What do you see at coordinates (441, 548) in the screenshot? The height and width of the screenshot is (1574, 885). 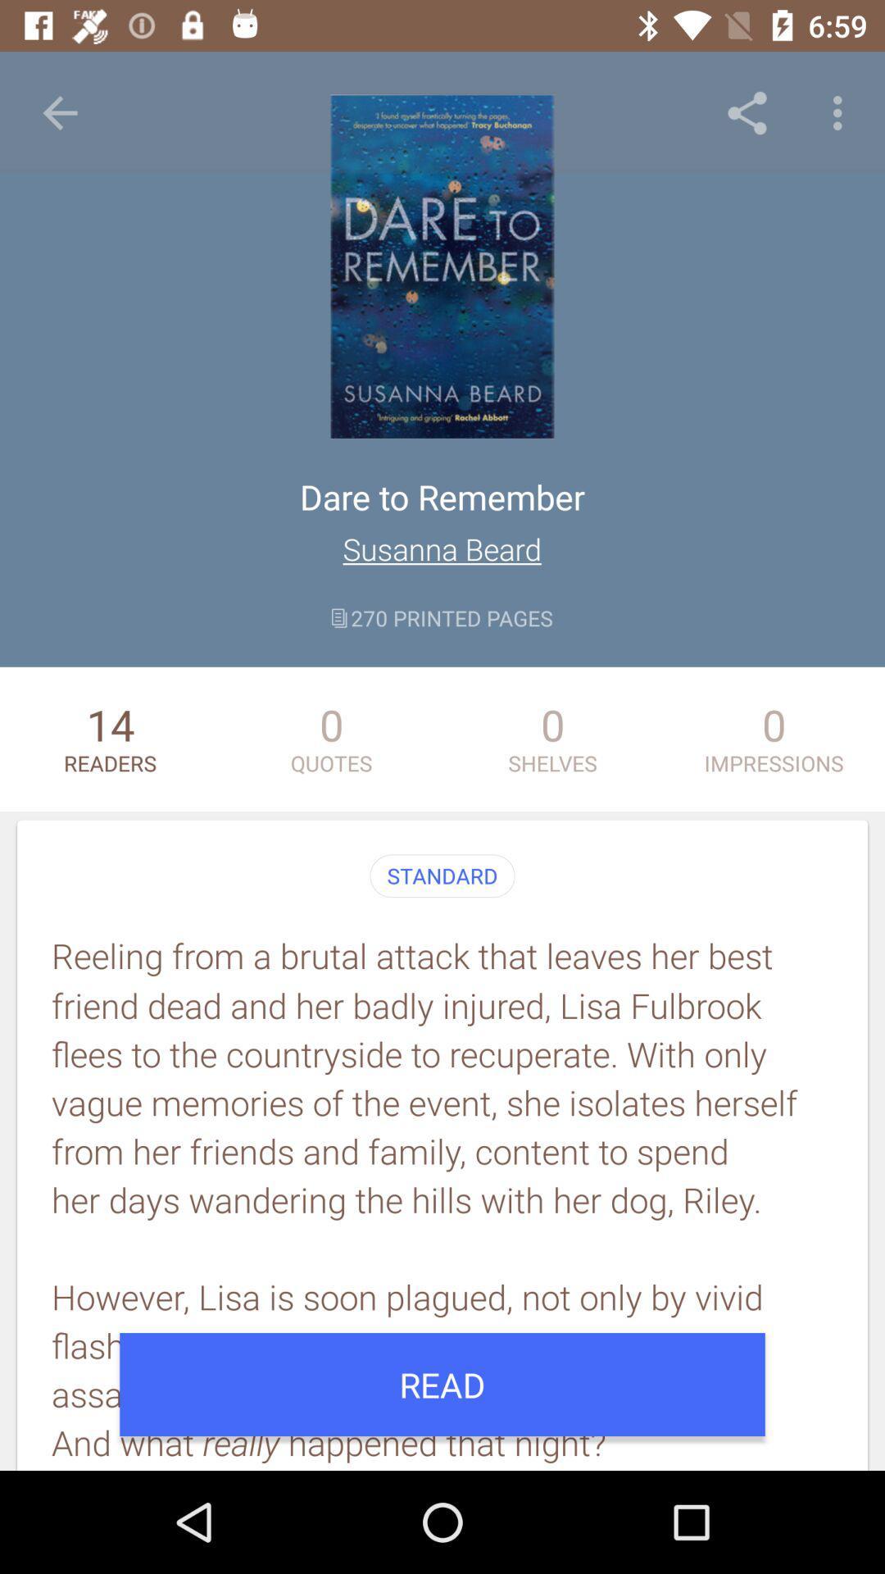 I see `the susanna beard item` at bounding box center [441, 548].